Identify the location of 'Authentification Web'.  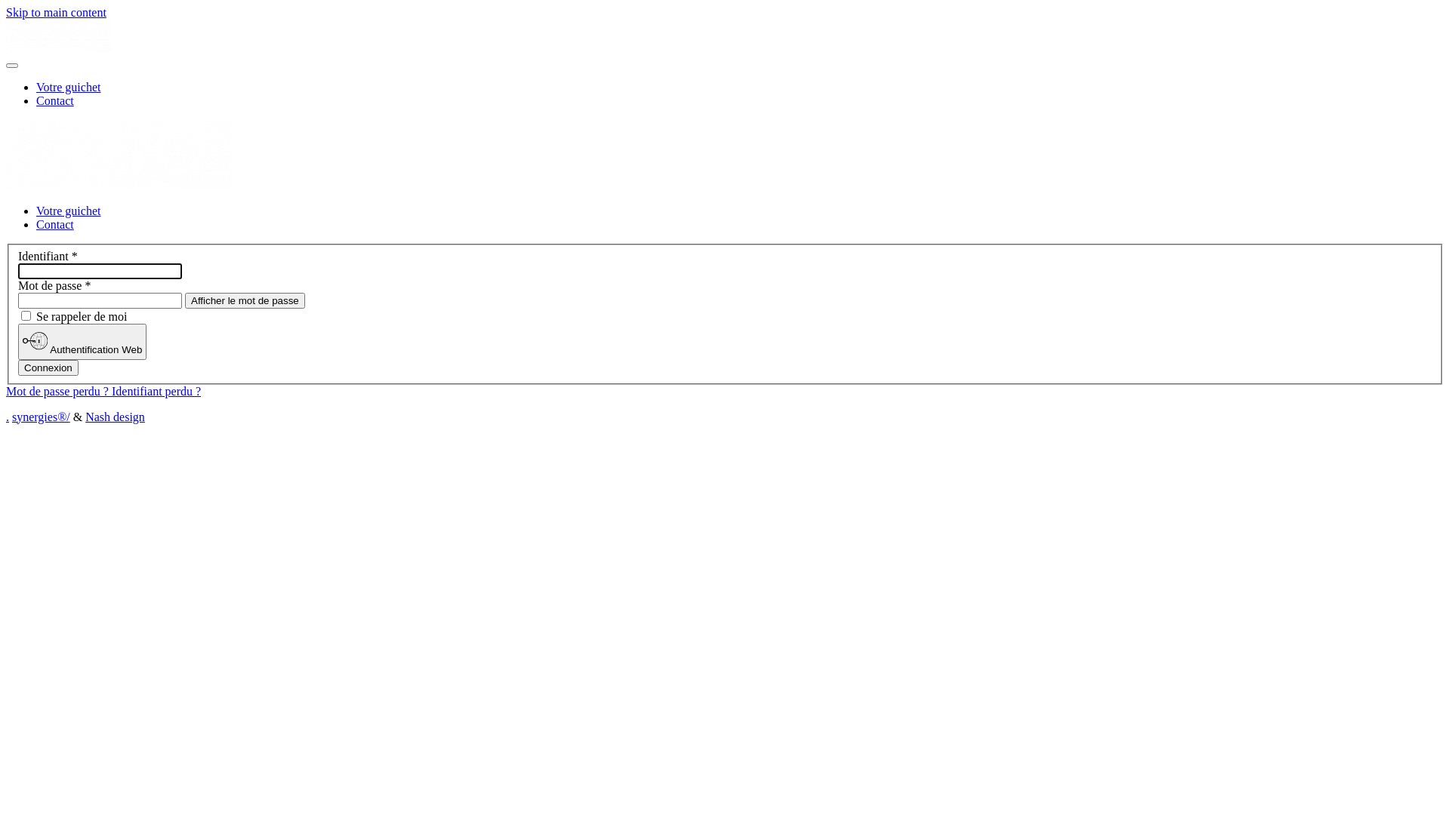
(18, 341).